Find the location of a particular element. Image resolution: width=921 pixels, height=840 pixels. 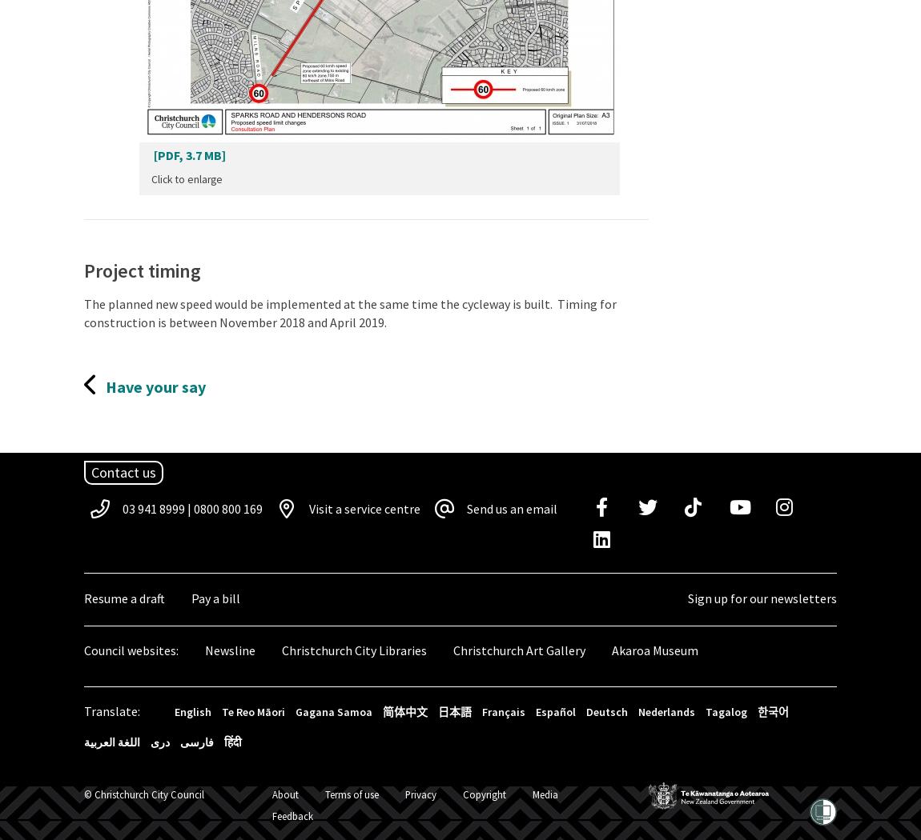

'The planned new speed would be implemented at the same time the cycleway is built.  Timing for construction is between November 2018 and April 2019.' is located at coordinates (82, 313).